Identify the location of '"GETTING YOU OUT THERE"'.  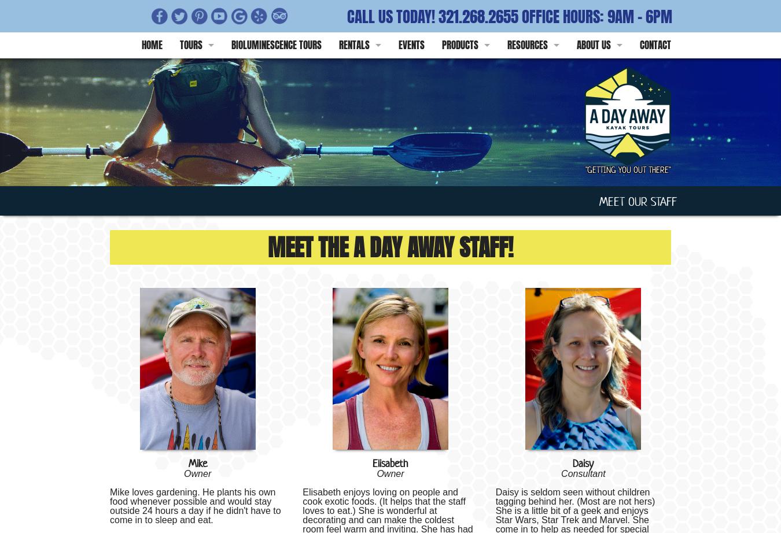
(628, 169).